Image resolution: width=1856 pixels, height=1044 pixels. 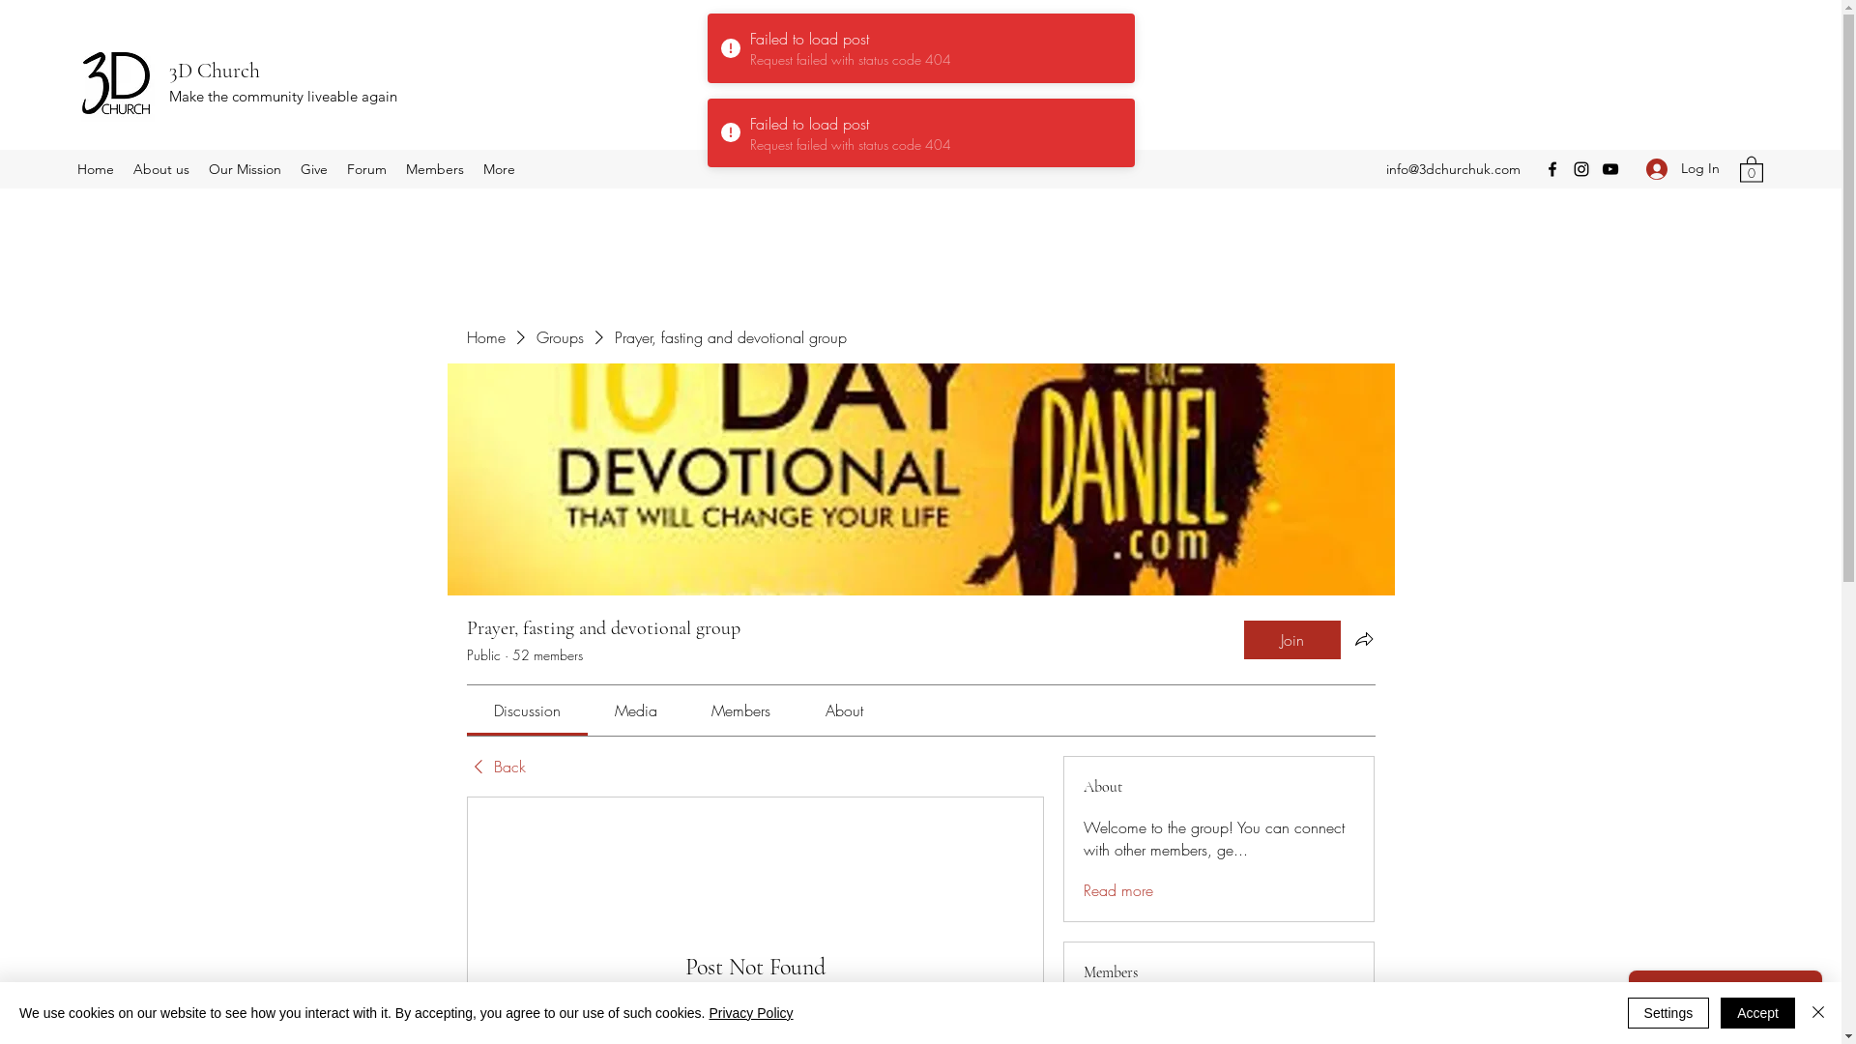 I want to click on 'info@3dchurchuk.com', so click(x=1453, y=167).